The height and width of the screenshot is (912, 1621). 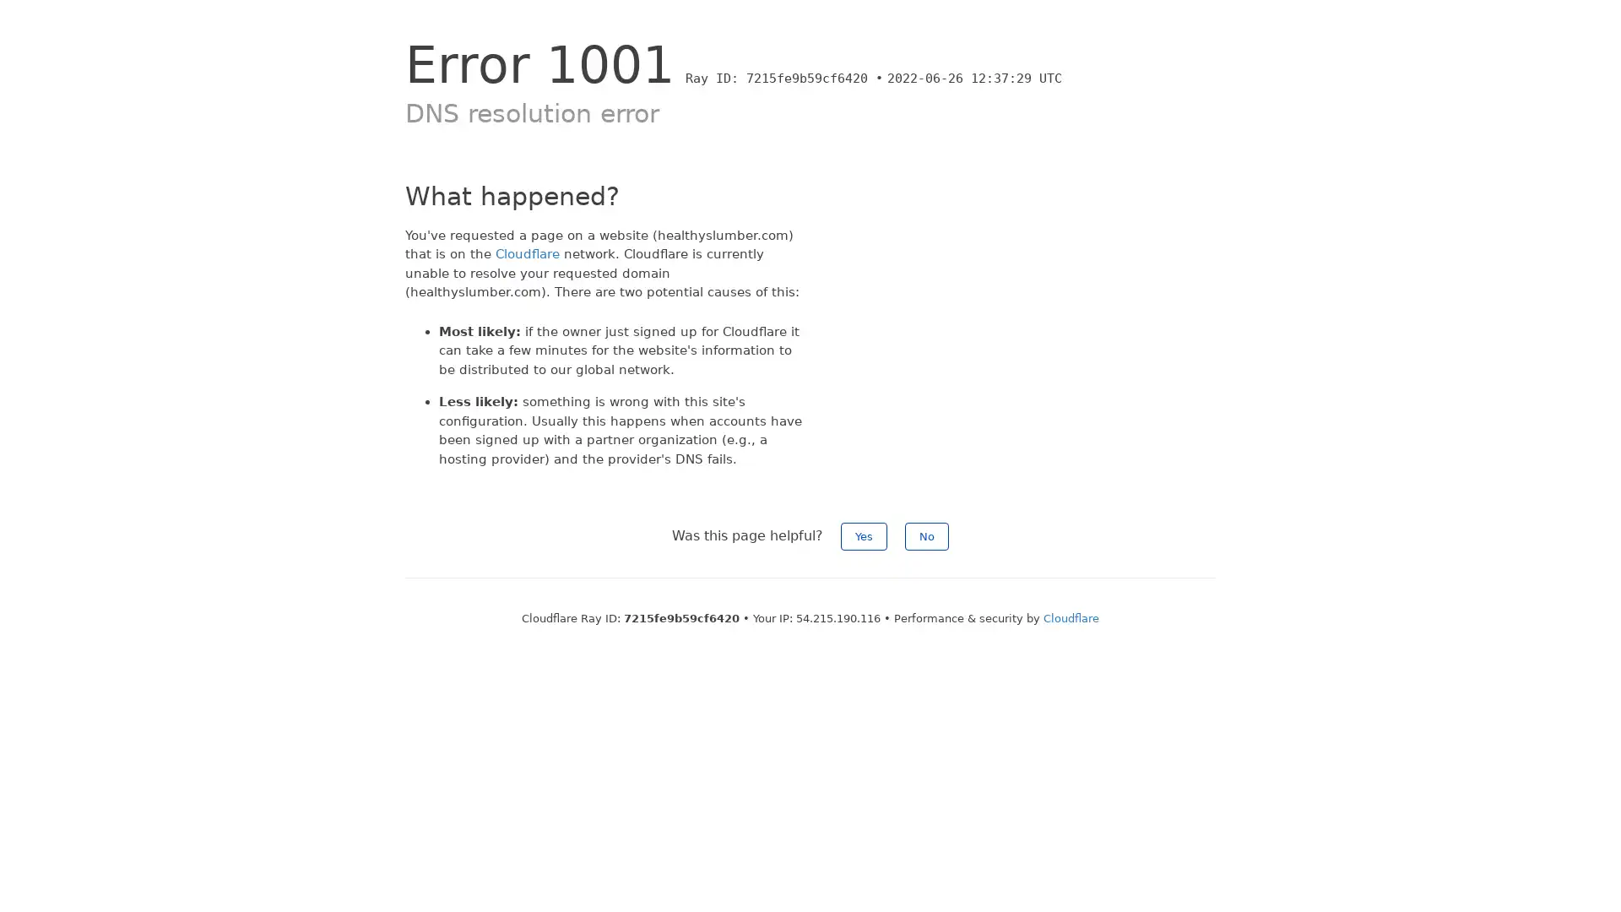 I want to click on Yes, so click(x=864, y=536).